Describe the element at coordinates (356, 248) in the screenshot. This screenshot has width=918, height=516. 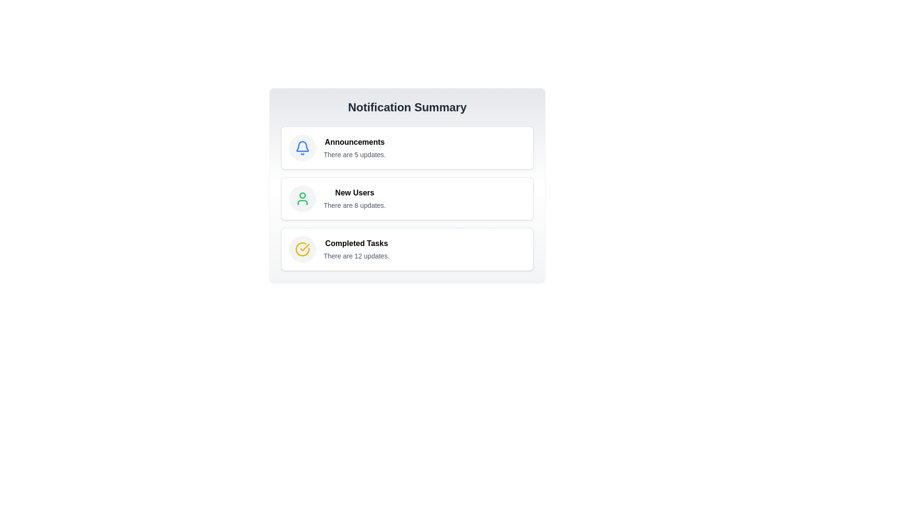
I see `the informational text grouping that summarizes completed tasks indicating 12 updates available, located in the bottom section of a vertical list within a card-like structure` at that location.